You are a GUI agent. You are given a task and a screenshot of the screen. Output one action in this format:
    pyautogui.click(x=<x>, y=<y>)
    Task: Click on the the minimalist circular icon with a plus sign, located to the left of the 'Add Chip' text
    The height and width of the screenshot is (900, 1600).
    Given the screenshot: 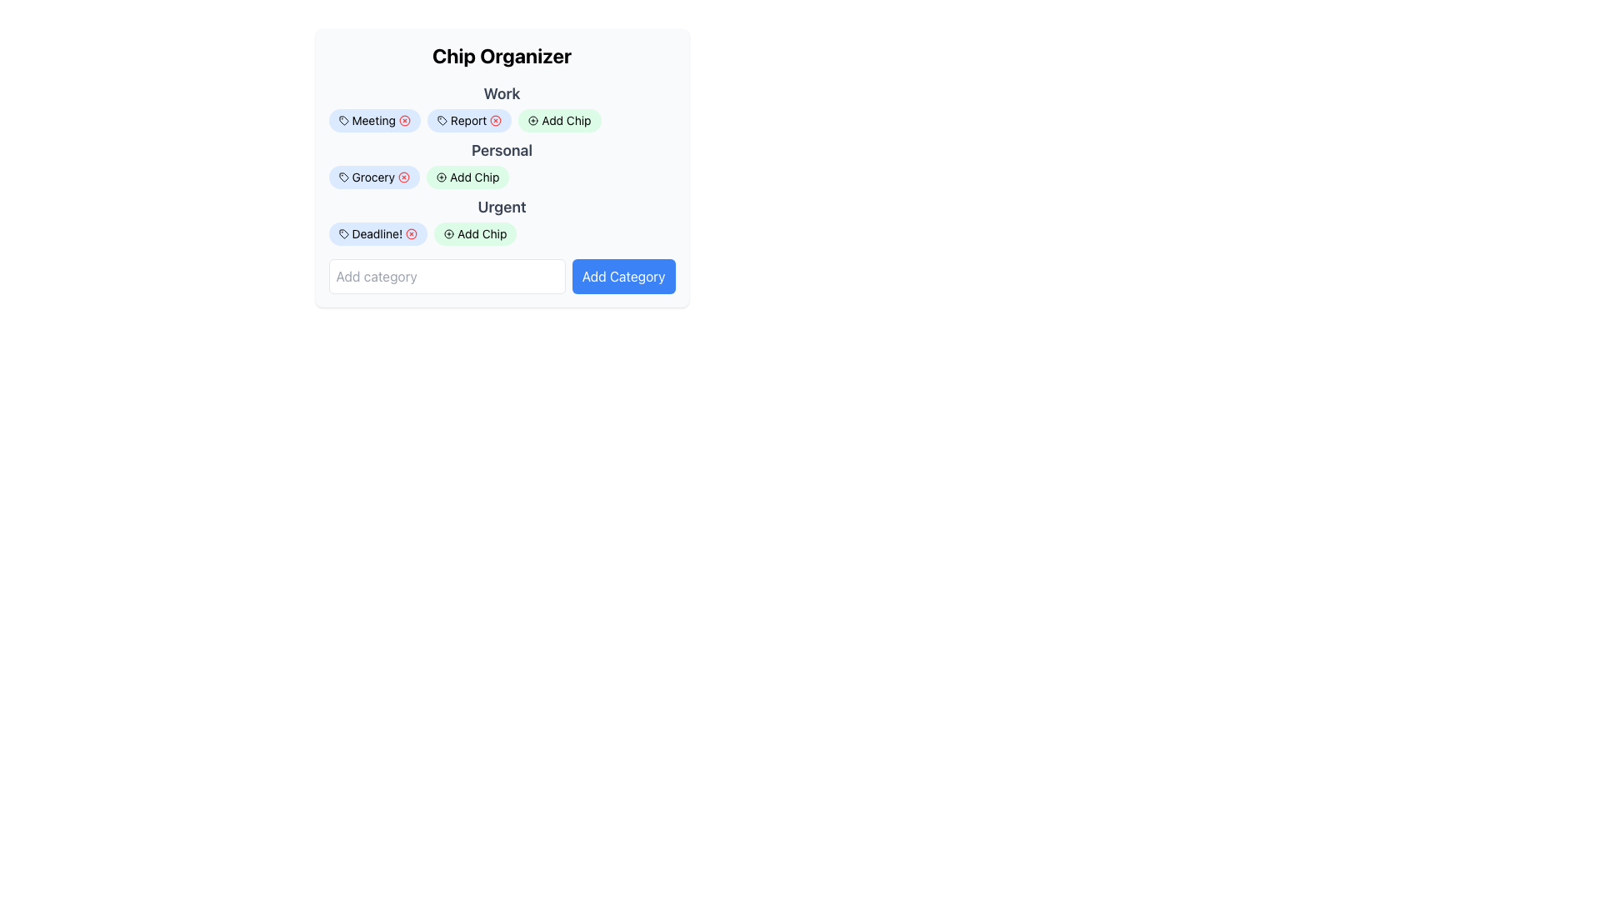 What is the action you would take?
    pyautogui.click(x=533, y=120)
    